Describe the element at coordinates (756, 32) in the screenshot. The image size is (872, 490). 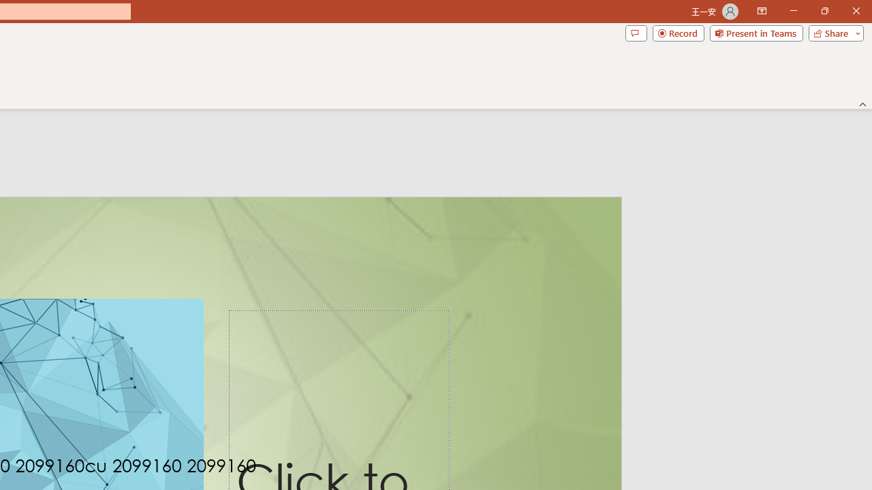
I see `'Present in Teams'` at that location.